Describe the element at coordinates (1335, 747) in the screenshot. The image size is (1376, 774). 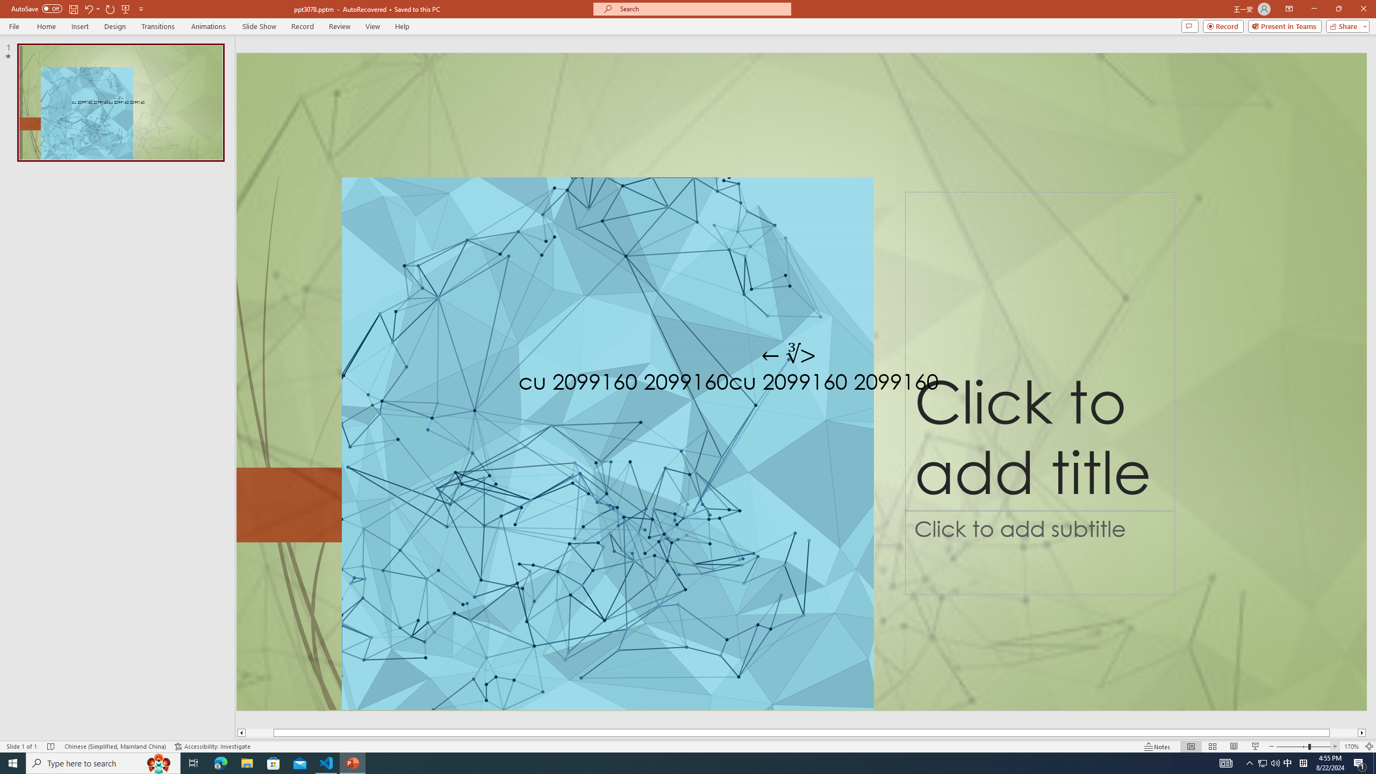
I see `'Zoom In'` at that location.